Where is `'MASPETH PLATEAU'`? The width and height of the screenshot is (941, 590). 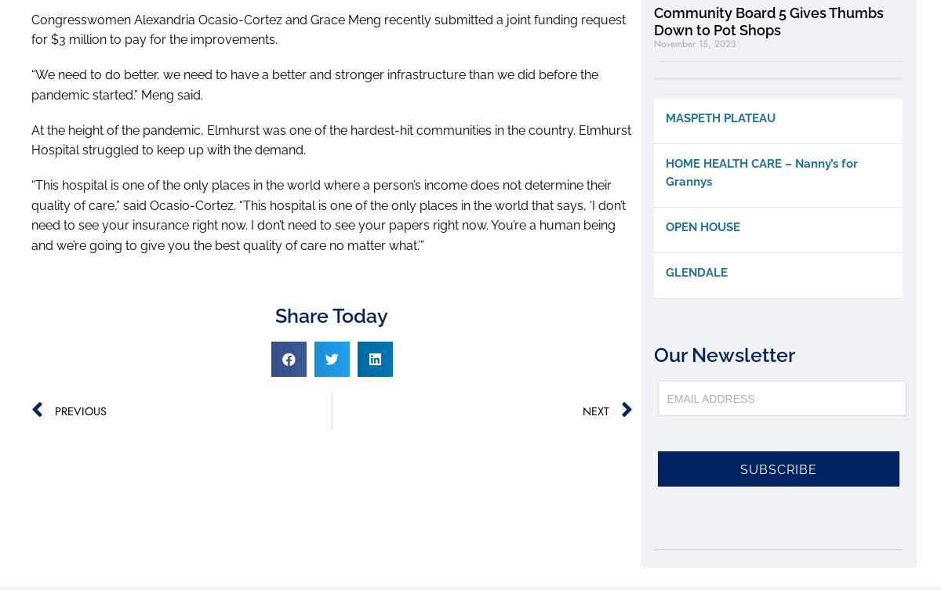
'MASPETH PLATEAU' is located at coordinates (720, 117).